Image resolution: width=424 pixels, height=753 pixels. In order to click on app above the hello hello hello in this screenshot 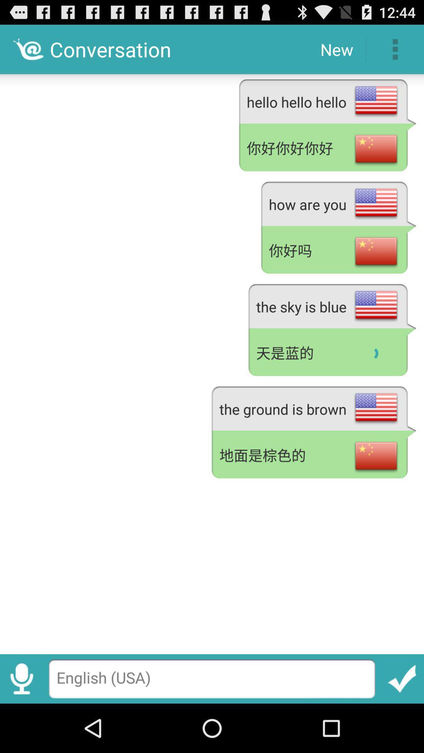, I will do `click(336, 49)`.